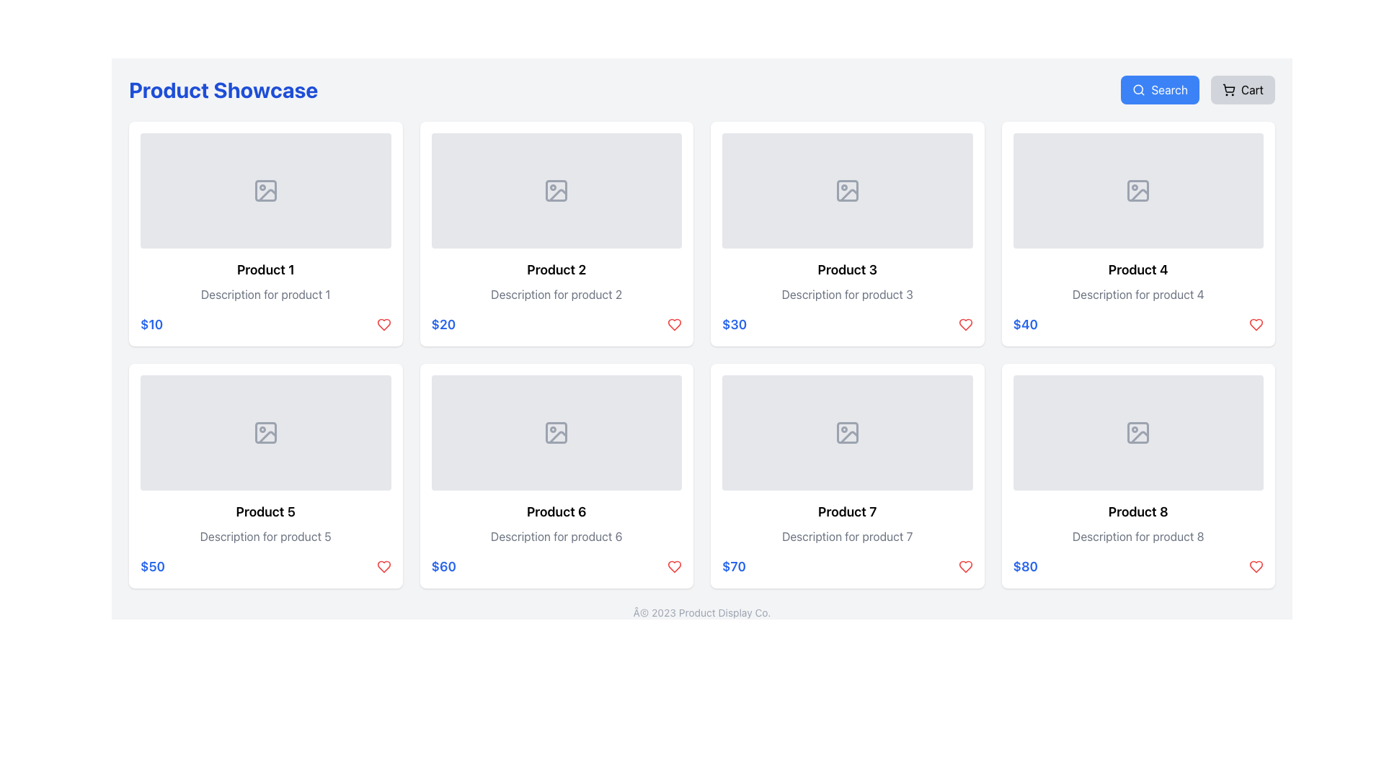  I want to click on description presented in the text label located under the 'Product 4' heading and above the price text '$40' within the fourth product card, so click(1137, 293).